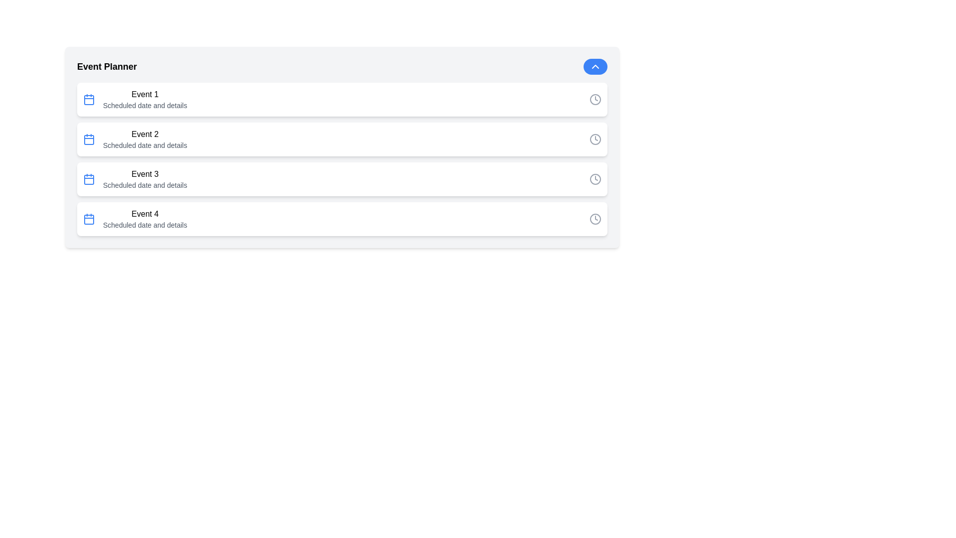  What do you see at coordinates (342, 100) in the screenshot?
I see `event title 'Event 1' and the details 'Scheduled date and details' from the visual card element with a white background and rounded corners, located in the 'Event Planner' section` at bounding box center [342, 100].